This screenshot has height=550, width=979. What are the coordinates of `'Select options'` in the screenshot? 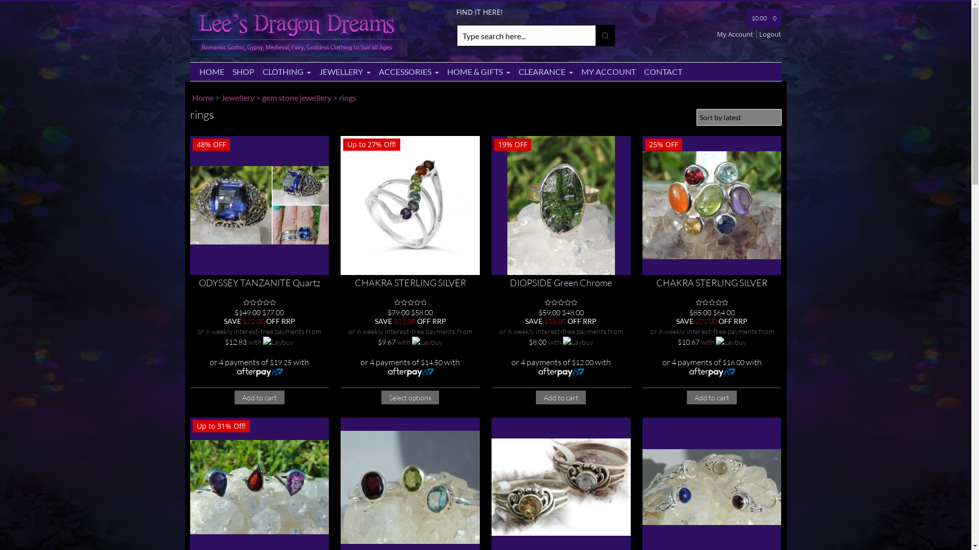 It's located at (410, 397).